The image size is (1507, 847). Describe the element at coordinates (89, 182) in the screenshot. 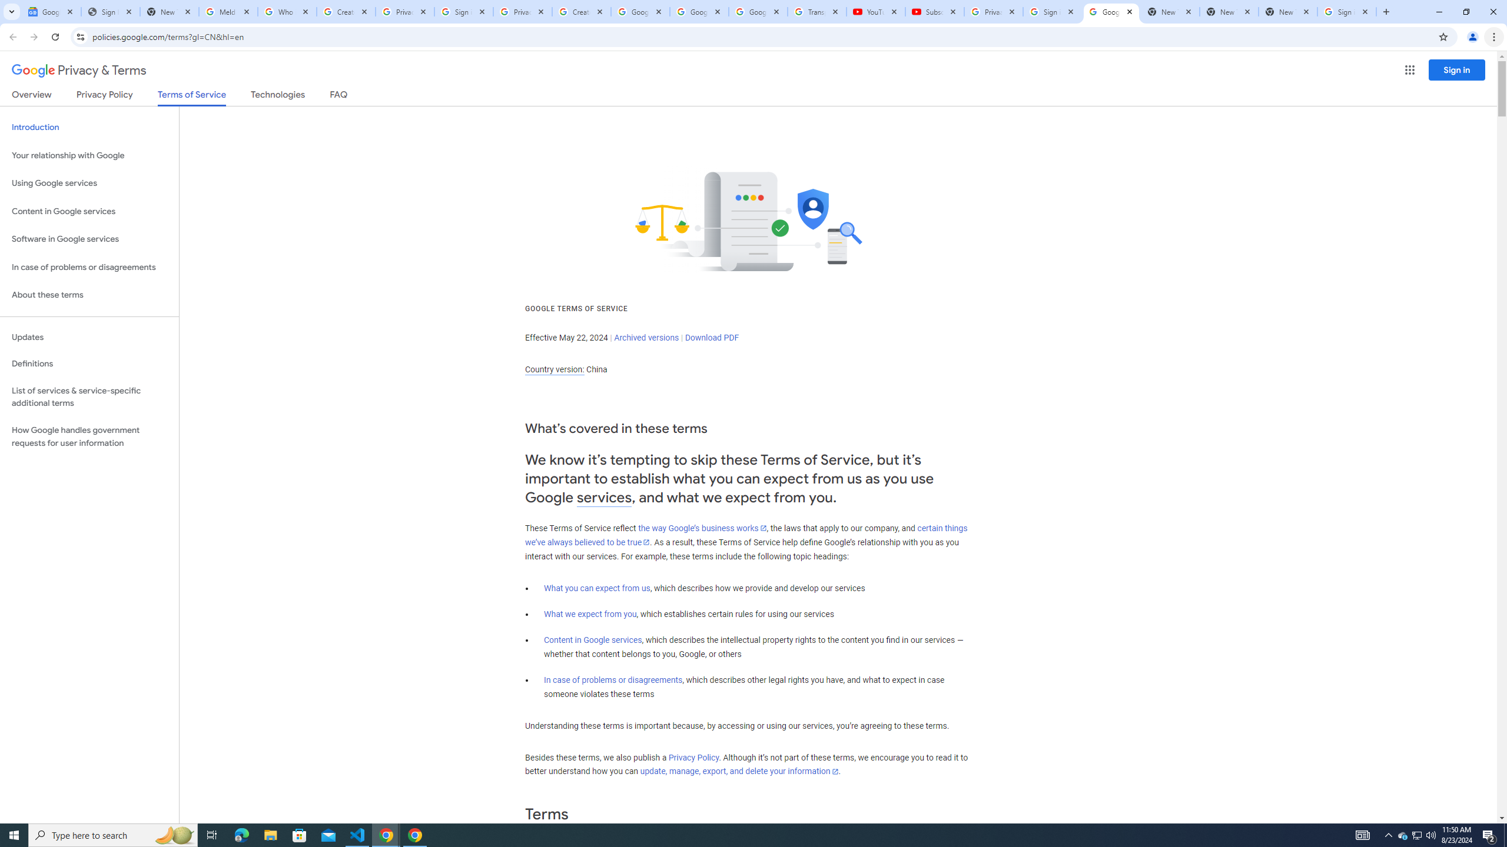

I see `'Using Google services'` at that location.